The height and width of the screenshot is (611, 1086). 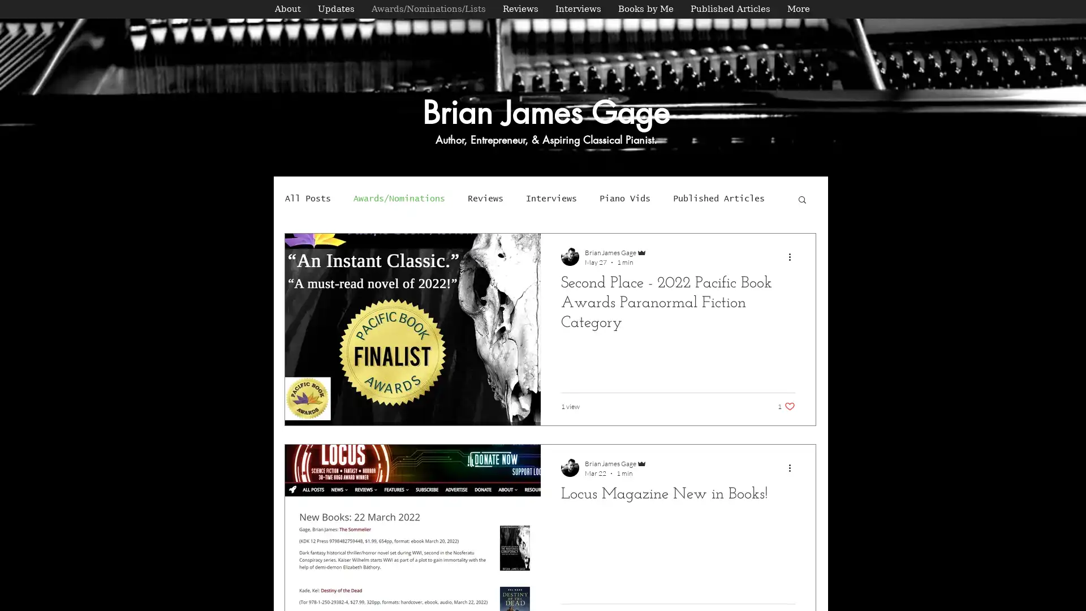 I want to click on 1 like. Post not marked as liked, so click(x=786, y=406).